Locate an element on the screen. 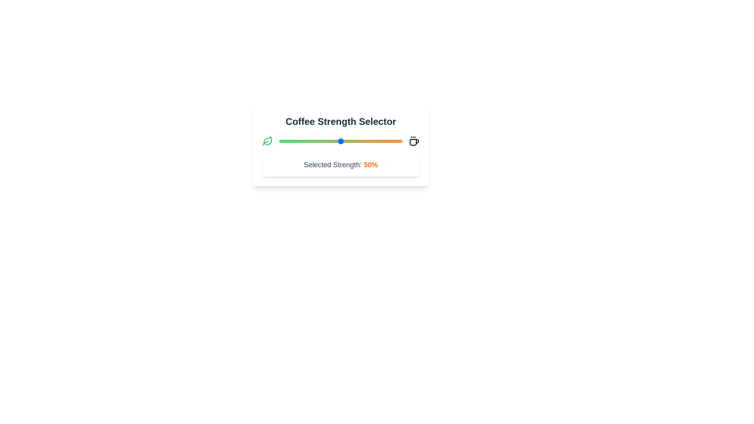 Image resolution: width=754 pixels, height=424 pixels. the coffee strength slider to 74% is located at coordinates (370, 141).